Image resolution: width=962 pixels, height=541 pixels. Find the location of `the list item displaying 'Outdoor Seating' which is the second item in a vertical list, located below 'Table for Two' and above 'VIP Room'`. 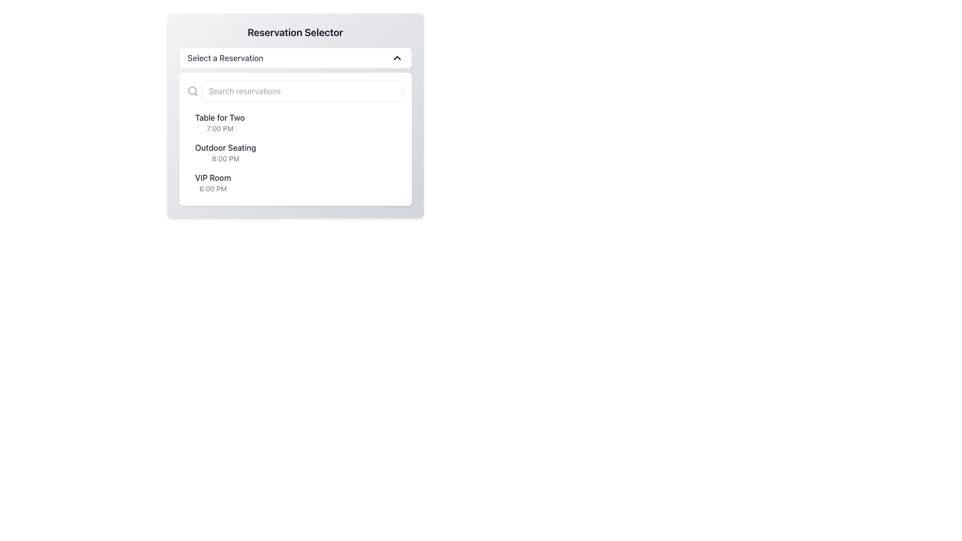

the list item displaying 'Outdoor Seating' which is the second item in a vertical list, located below 'Table for Two' and above 'VIP Room' is located at coordinates (295, 152).